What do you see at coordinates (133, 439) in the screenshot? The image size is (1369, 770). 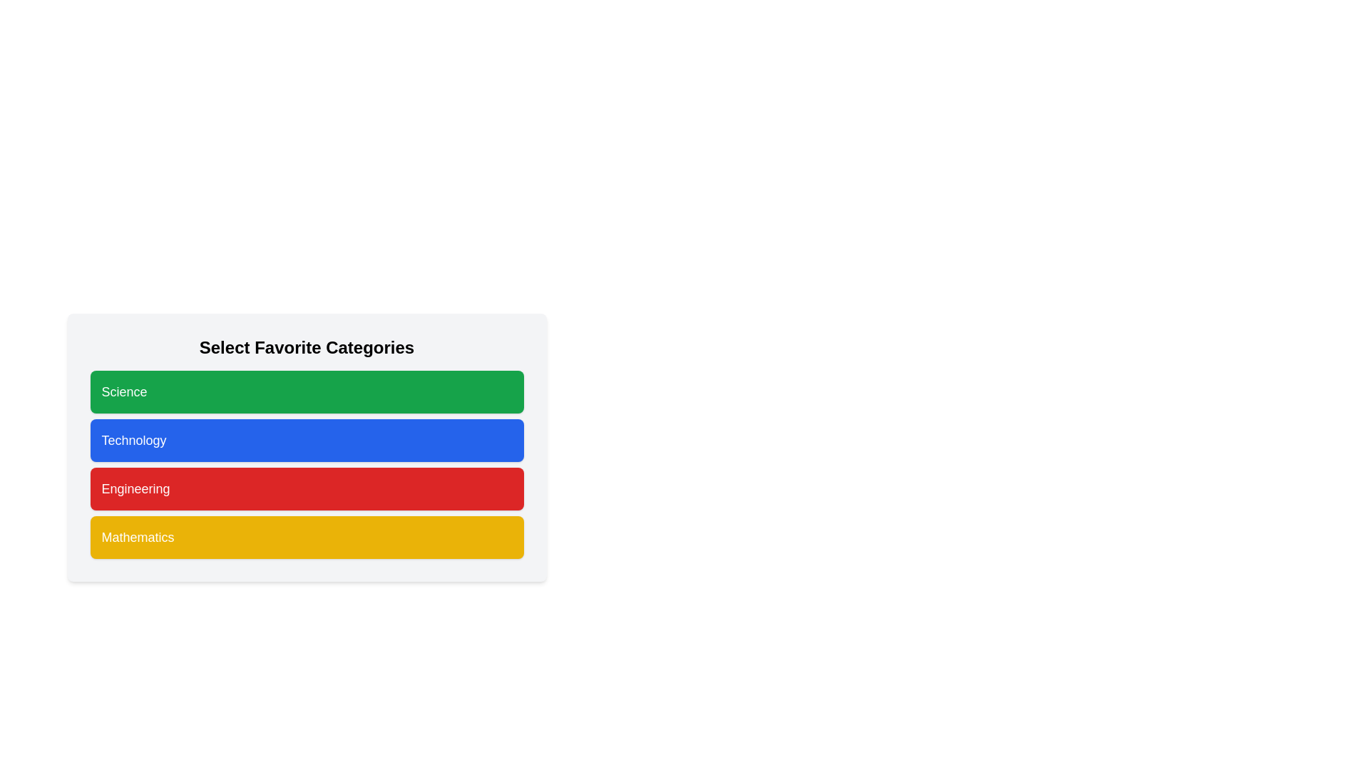 I see `text label that reads 'Technology', which is styled in bold white font over a blue background, located in the second colored row under 'Select Favorite Categories'` at bounding box center [133, 439].